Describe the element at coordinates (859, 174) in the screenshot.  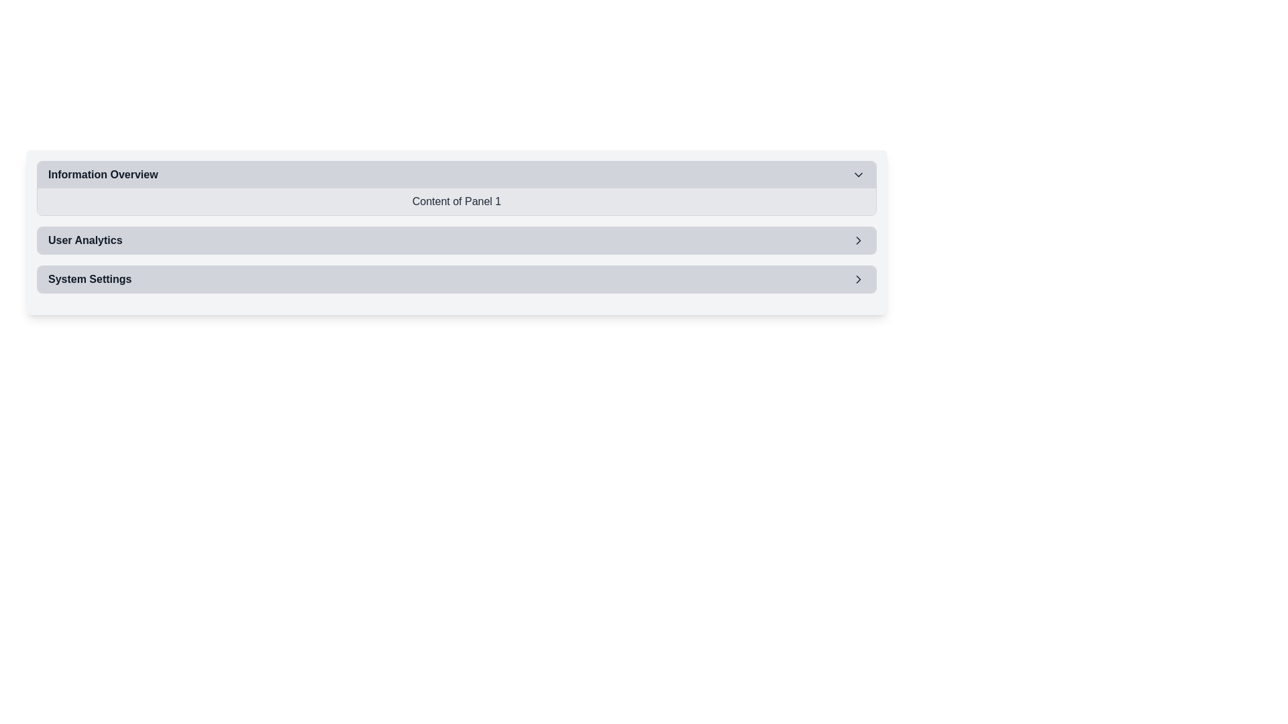
I see `the Chevron Down icon located at the right end of the 'Information Overview' header bar` at that location.